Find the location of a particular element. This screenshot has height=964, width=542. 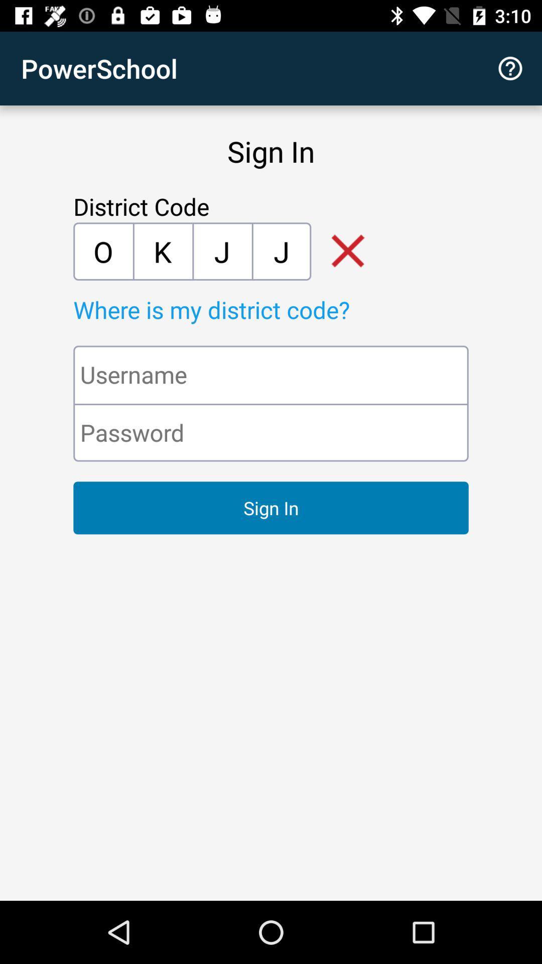

password info is located at coordinates (271, 432).